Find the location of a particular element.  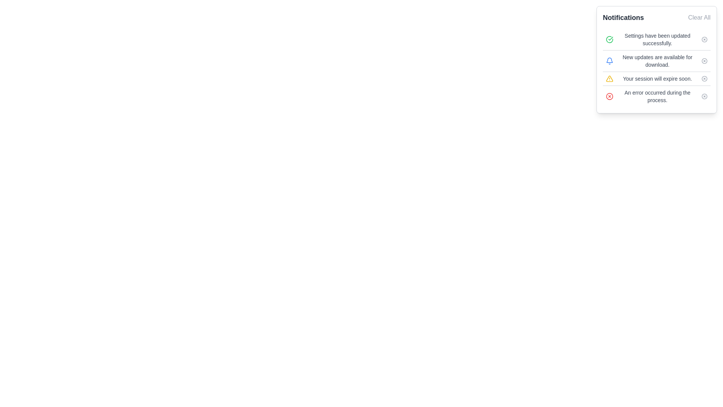

the error icon located near the left edge of the 'An error occurred during the process.' notification box is located at coordinates (609, 96).